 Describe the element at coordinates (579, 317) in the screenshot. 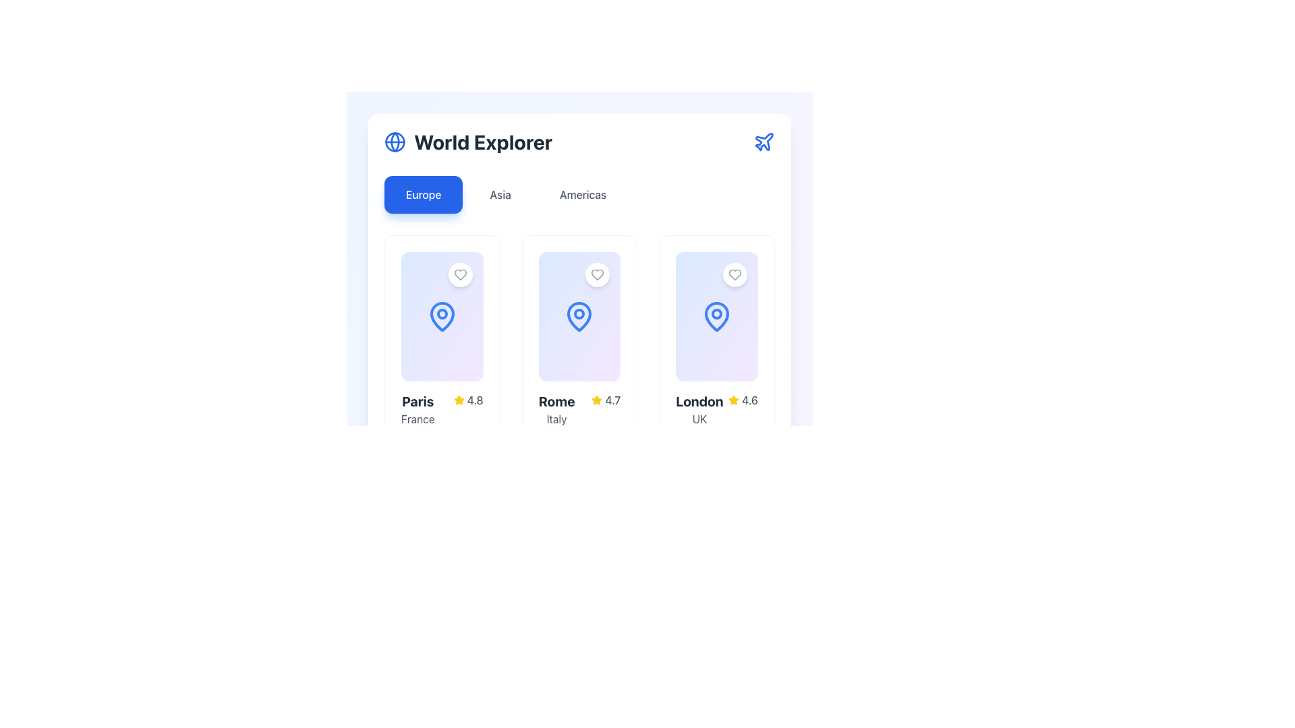

I see `the central map pin icon representing 'Rome, Italy' located in the second column of the 'Europe' section` at that location.